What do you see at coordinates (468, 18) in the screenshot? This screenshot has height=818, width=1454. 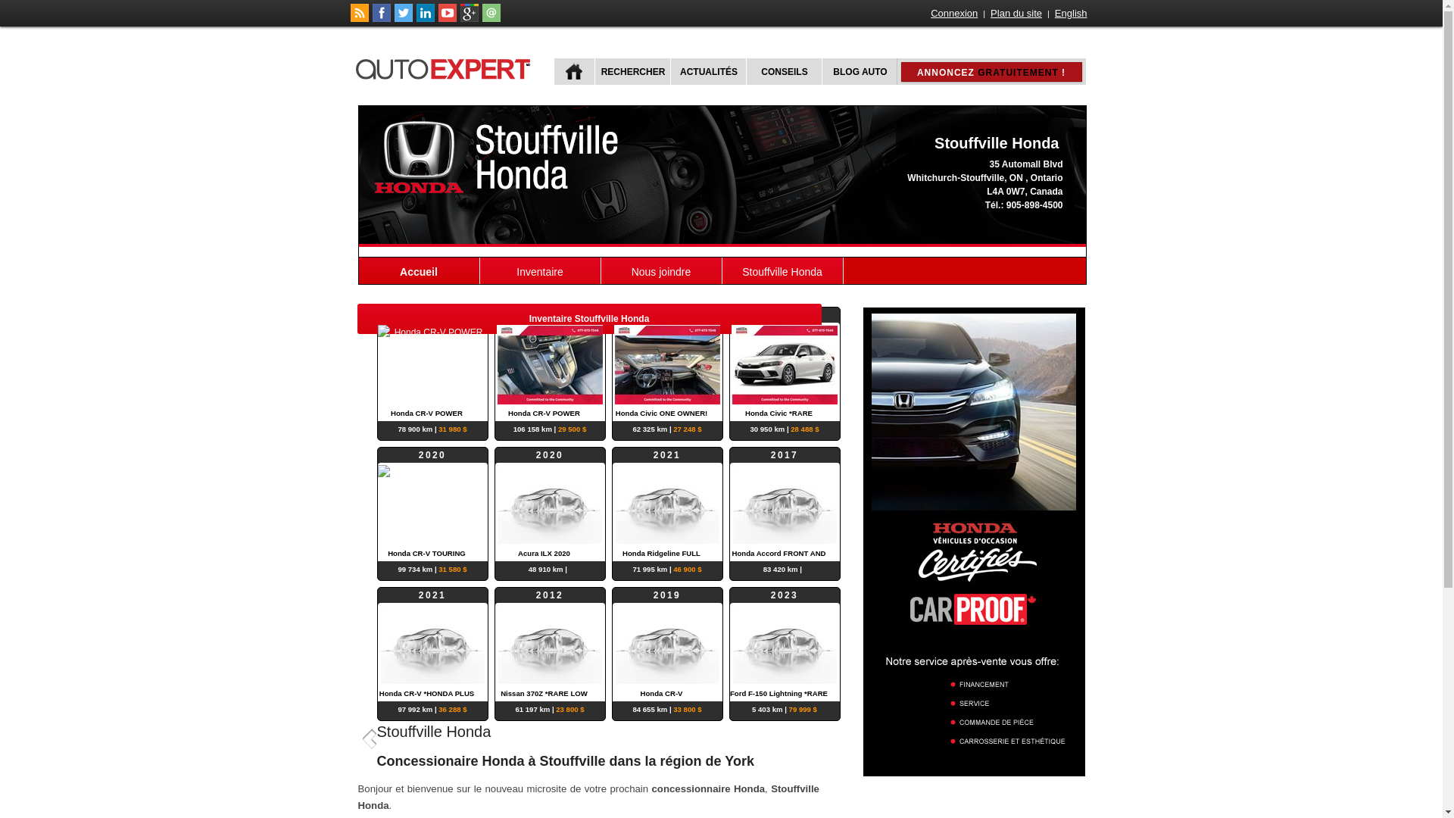 I see `'Suivez autoExpert.ca sur Google Plus'` at bounding box center [468, 18].